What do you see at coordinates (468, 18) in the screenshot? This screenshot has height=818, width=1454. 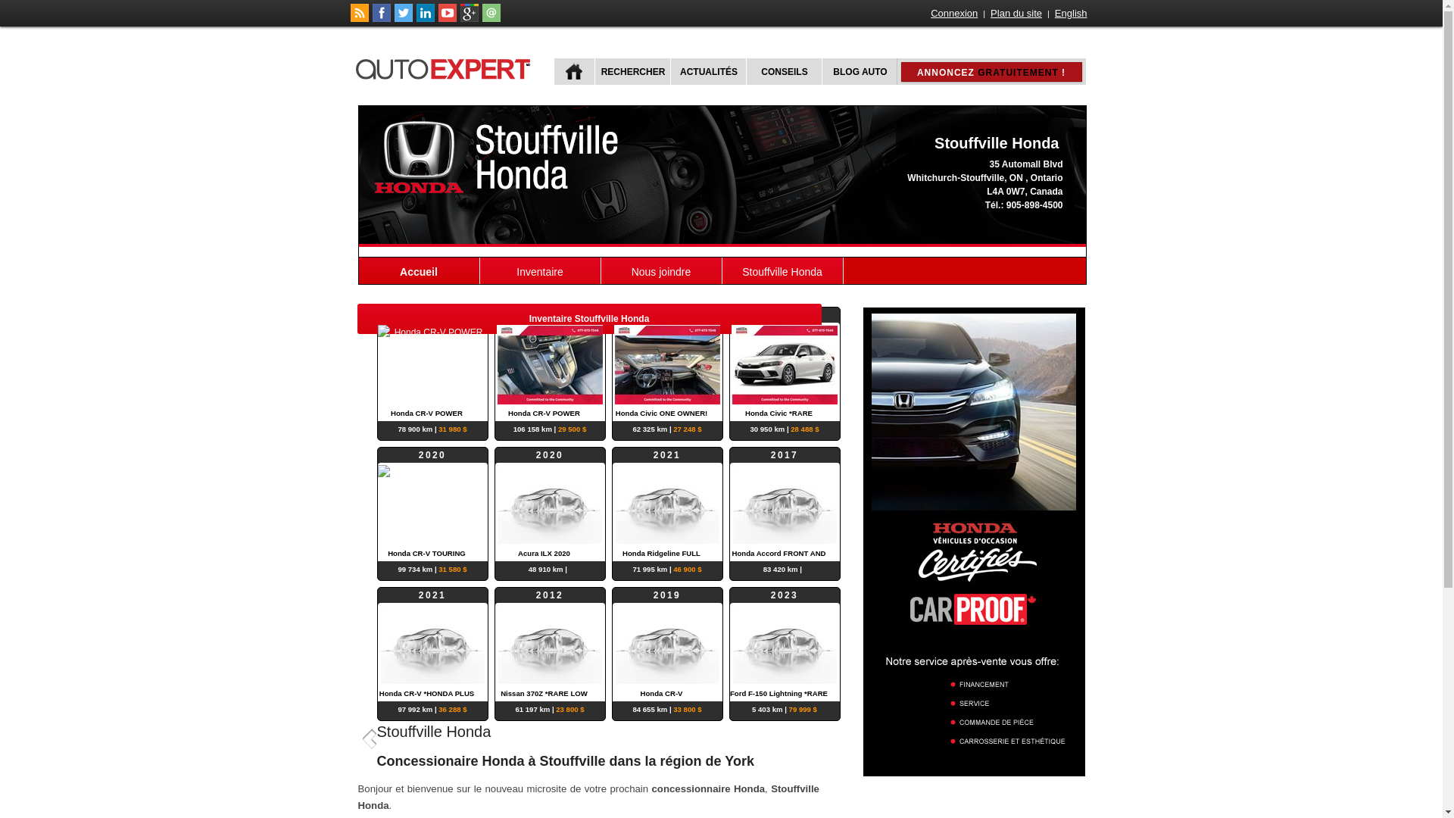 I see `'Suivez autoExpert.ca sur Google Plus'` at bounding box center [468, 18].